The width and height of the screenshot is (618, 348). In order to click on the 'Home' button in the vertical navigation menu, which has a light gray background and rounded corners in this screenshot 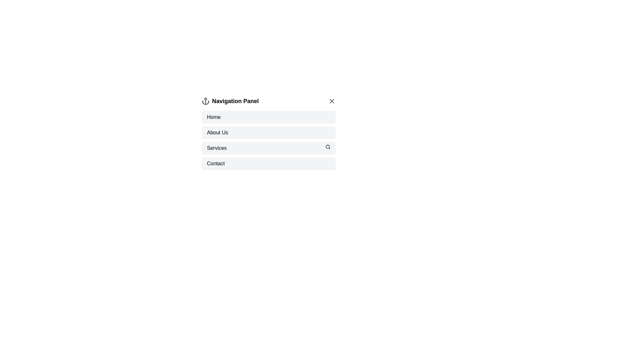, I will do `click(269, 117)`.